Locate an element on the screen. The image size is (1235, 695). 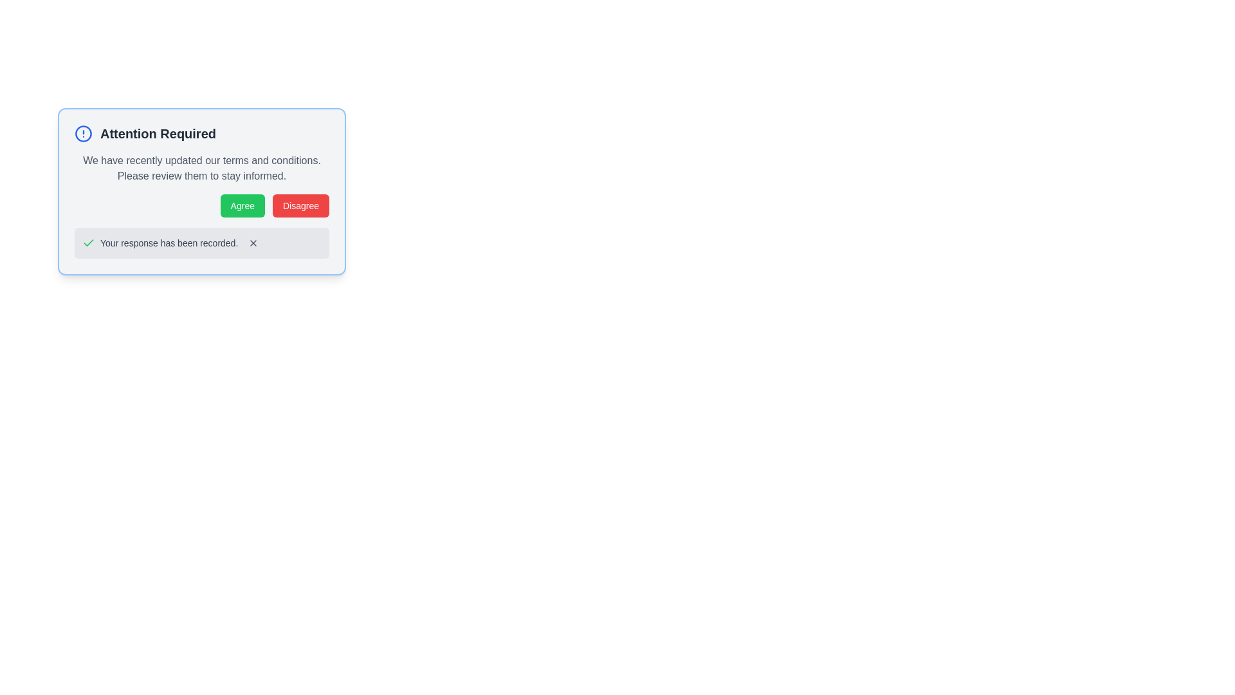
confirmation text displayed in the Notification component, which includes a close button located at the bottom of the notification box is located at coordinates (201, 243).